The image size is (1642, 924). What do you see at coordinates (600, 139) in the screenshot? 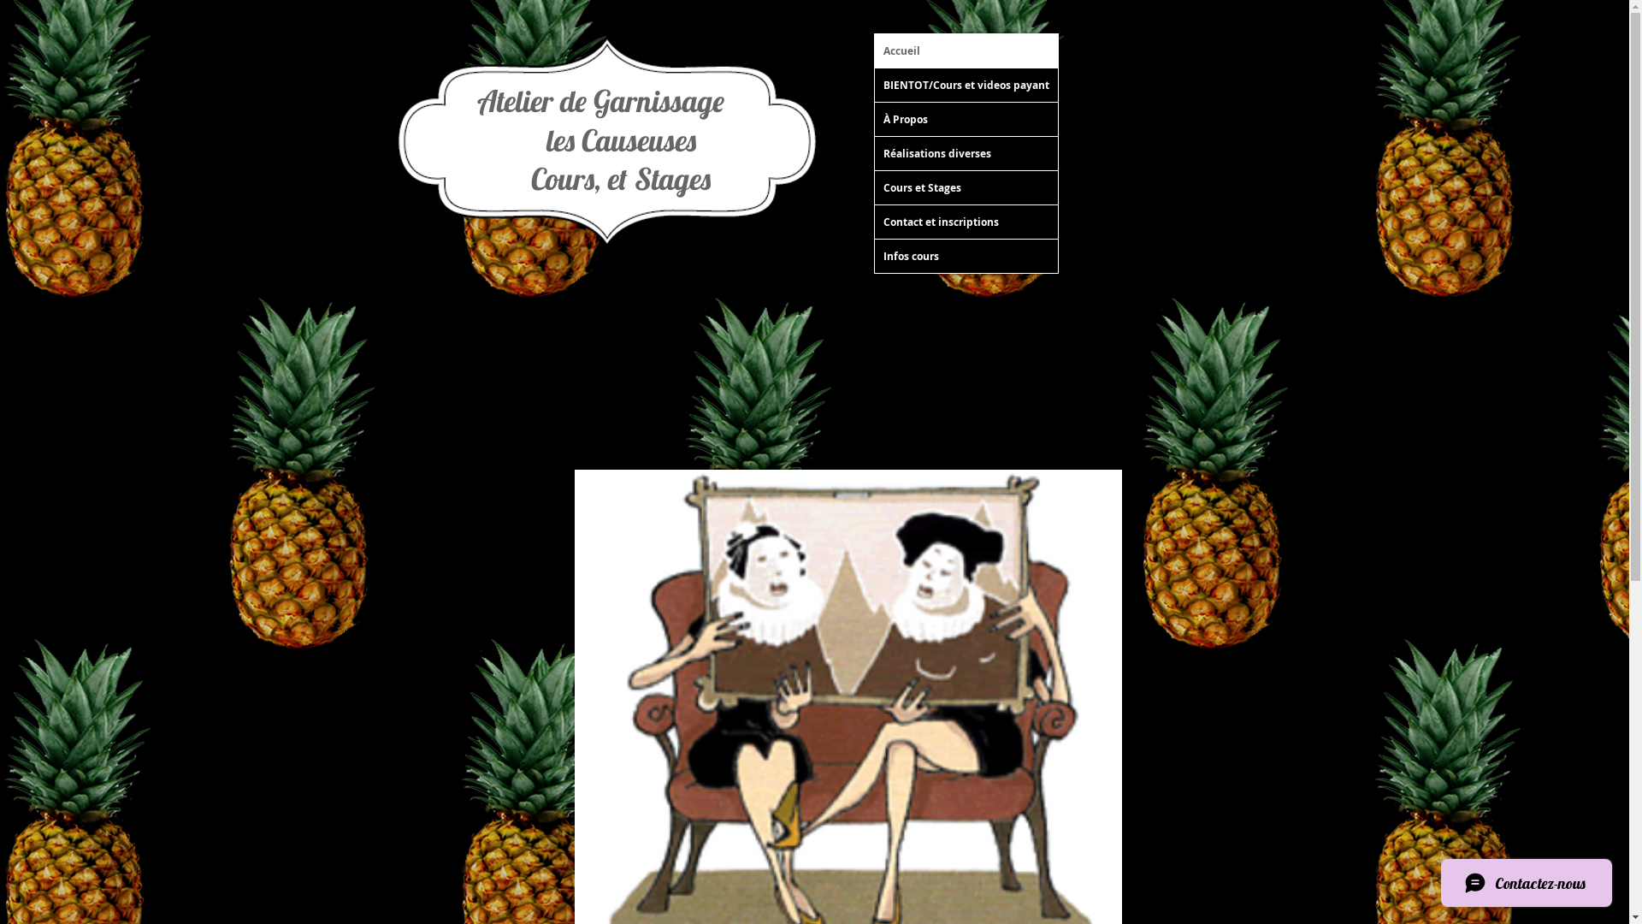
I see `'      les Causeuses'` at bounding box center [600, 139].